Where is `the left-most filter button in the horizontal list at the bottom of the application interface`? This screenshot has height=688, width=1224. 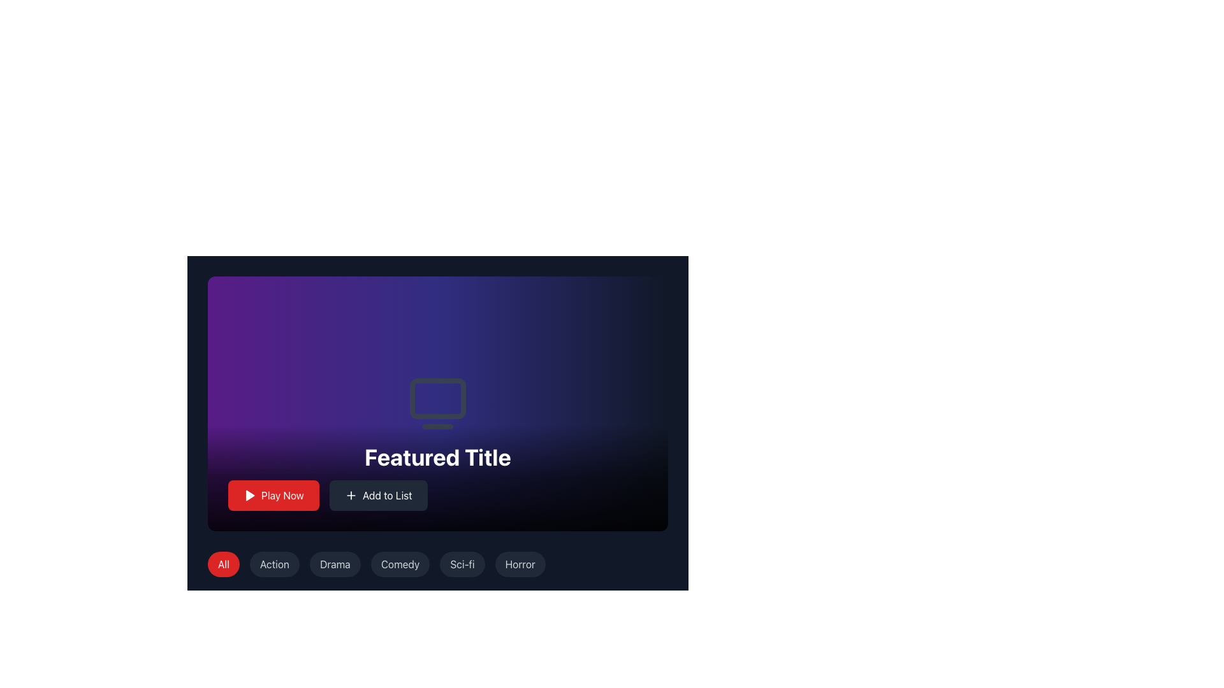 the left-most filter button in the horizontal list at the bottom of the application interface is located at coordinates (223, 564).